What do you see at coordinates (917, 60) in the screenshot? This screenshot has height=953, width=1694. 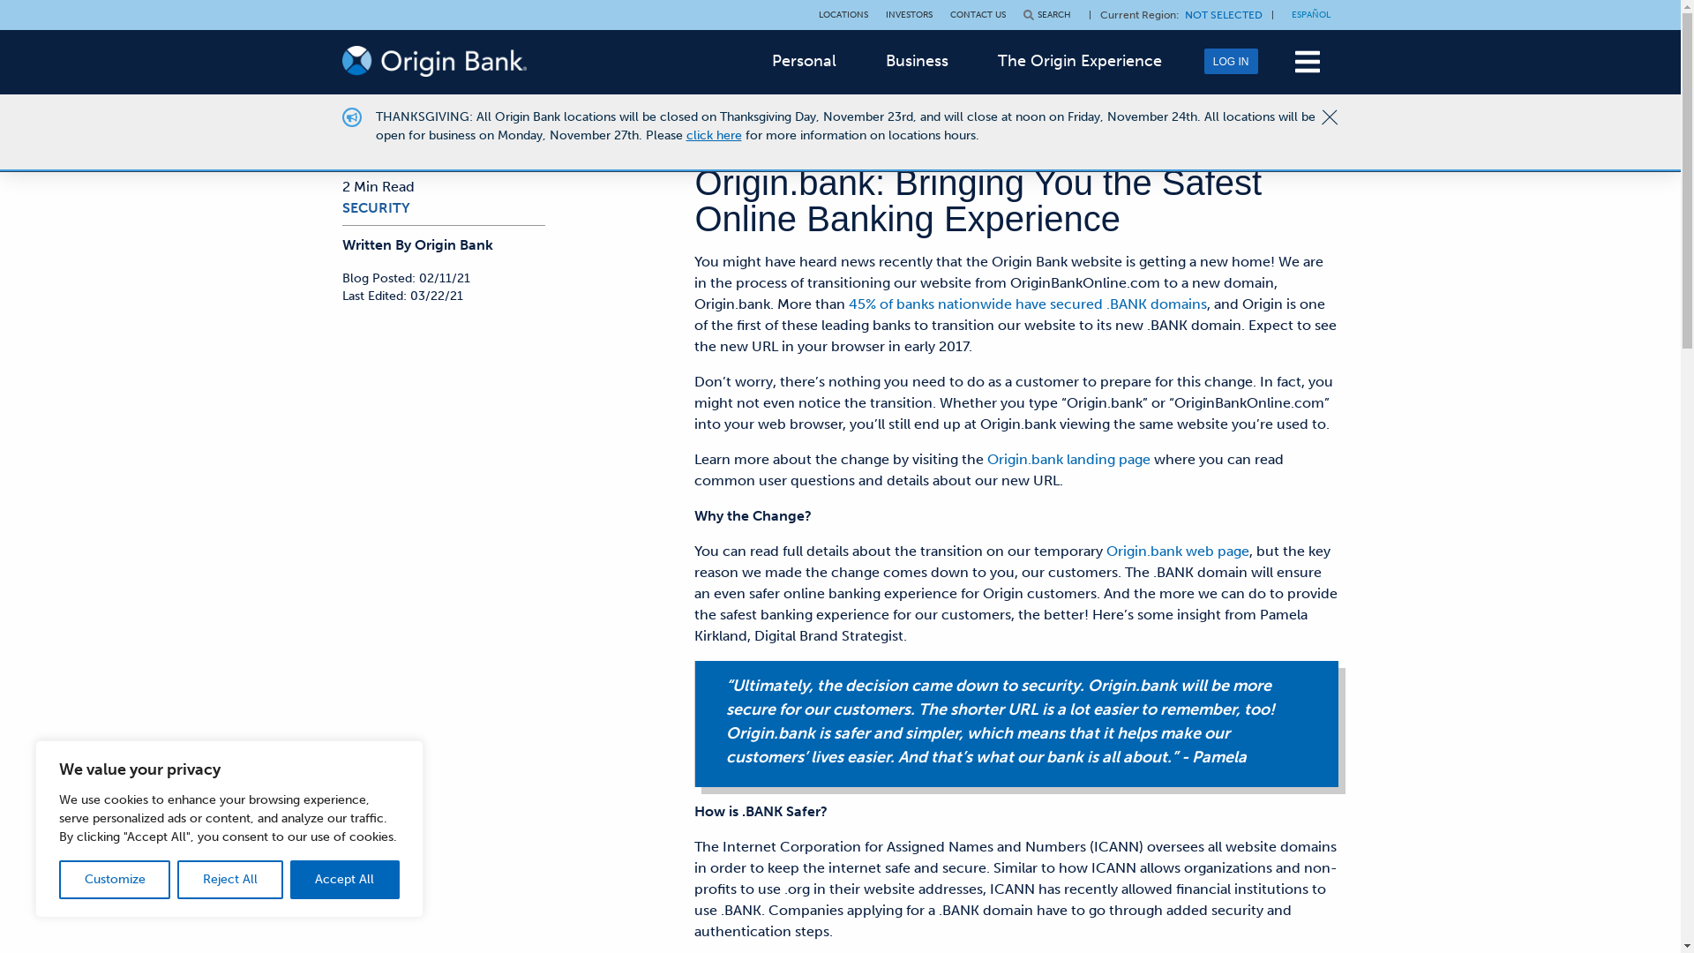 I see `'Business'` at bounding box center [917, 60].